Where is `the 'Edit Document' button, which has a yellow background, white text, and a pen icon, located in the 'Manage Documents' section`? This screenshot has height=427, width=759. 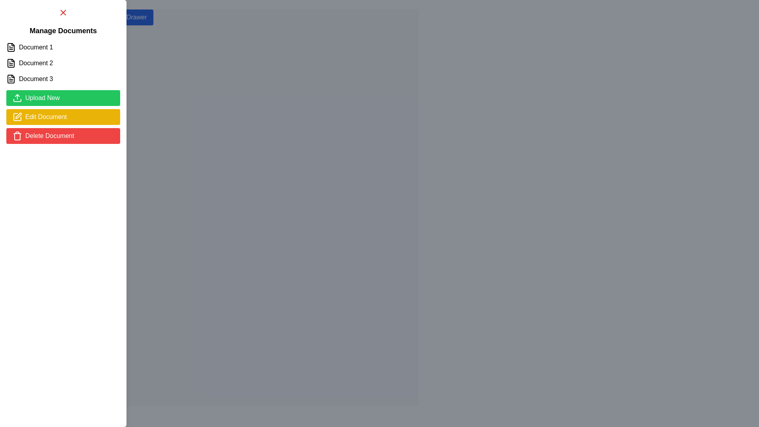 the 'Edit Document' button, which has a yellow background, white text, and a pen icon, located in the 'Manage Documents' section is located at coordinates (62, 117).